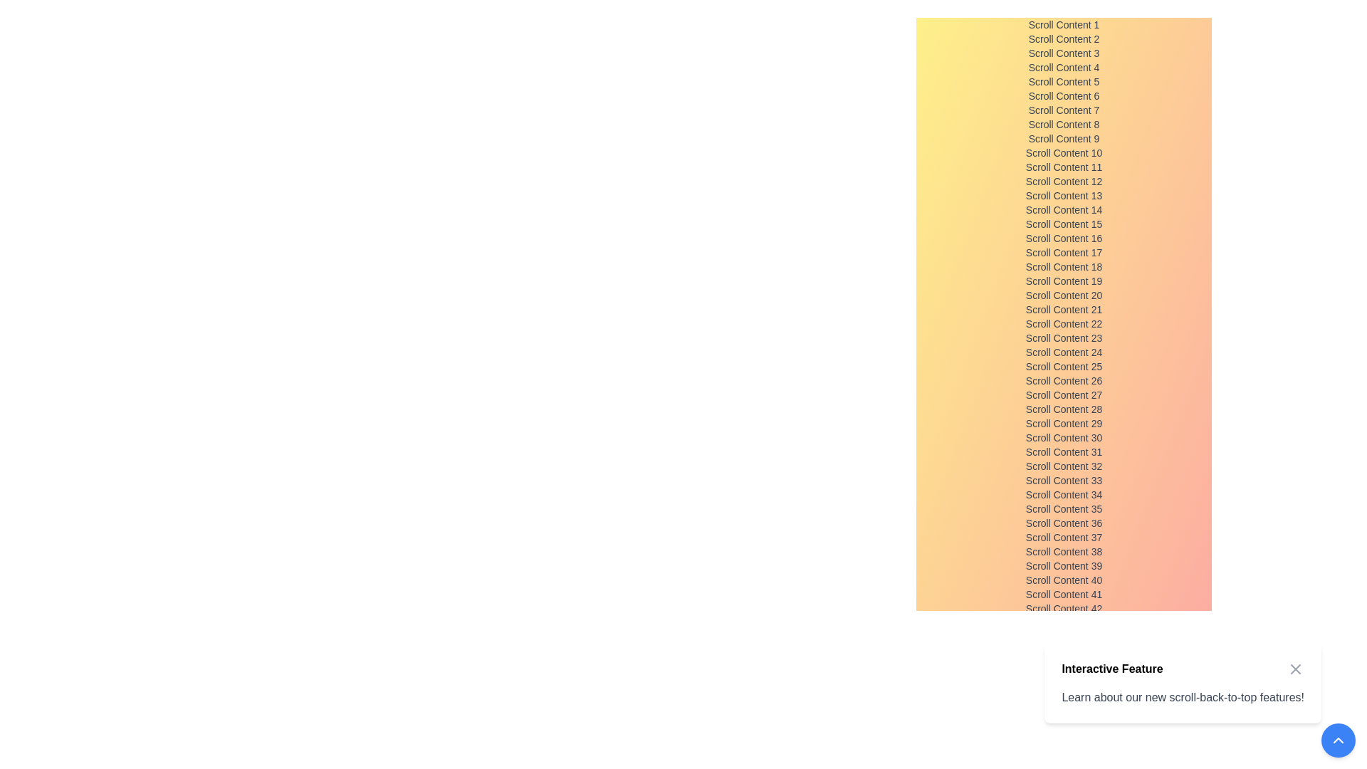  Describe the element at coordinates (1064, 24) in the screenshot. I see `the text element labeled 'Scroll Content 1' which is the first item in a vertically scrollable list, styled in small gray font` at that location.